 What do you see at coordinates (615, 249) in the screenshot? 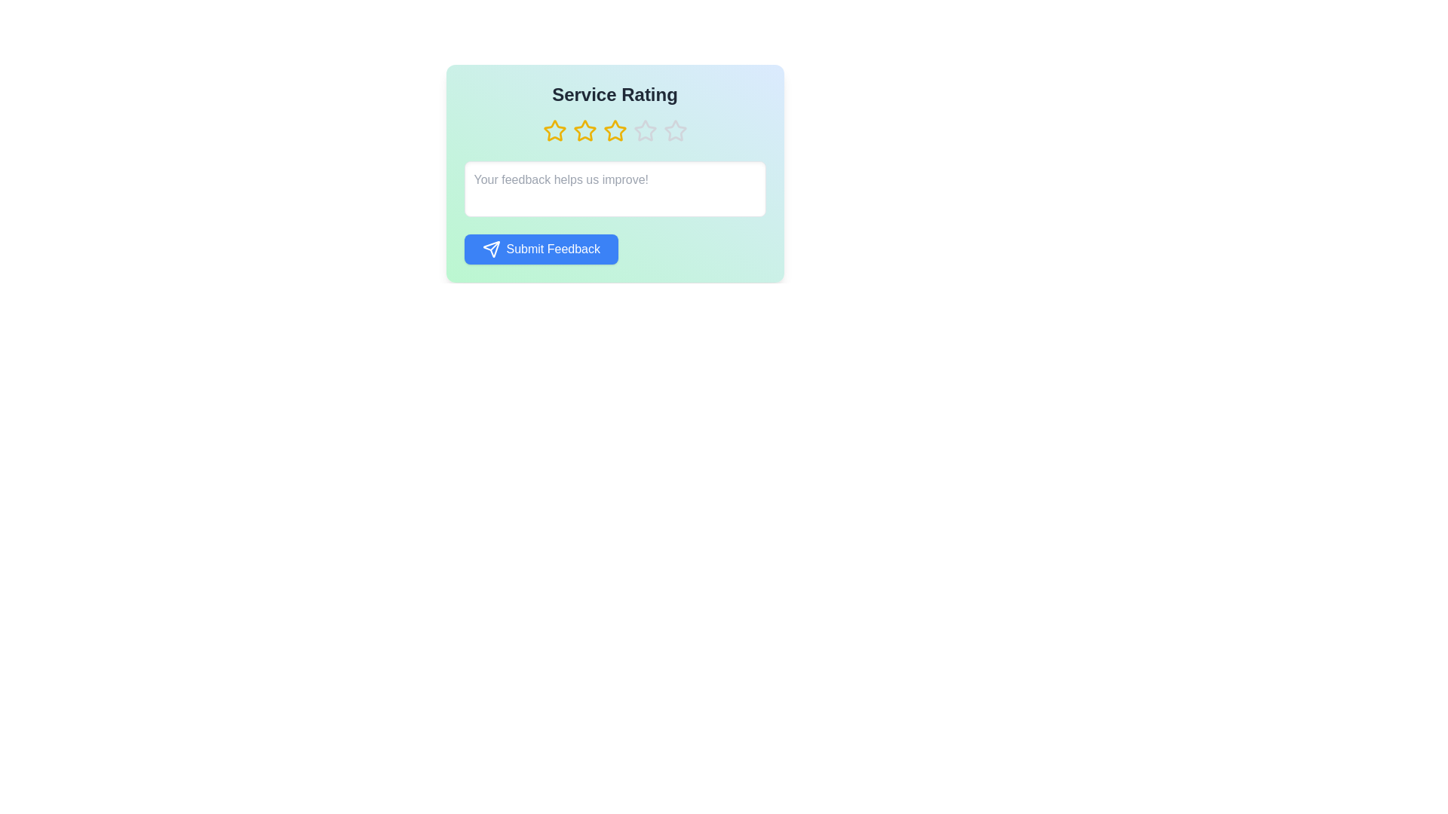
I see `the 'Submit Feedback' button located beneath the feedback input area within the 'Service Rating' box` at bounding box center [615, 249].